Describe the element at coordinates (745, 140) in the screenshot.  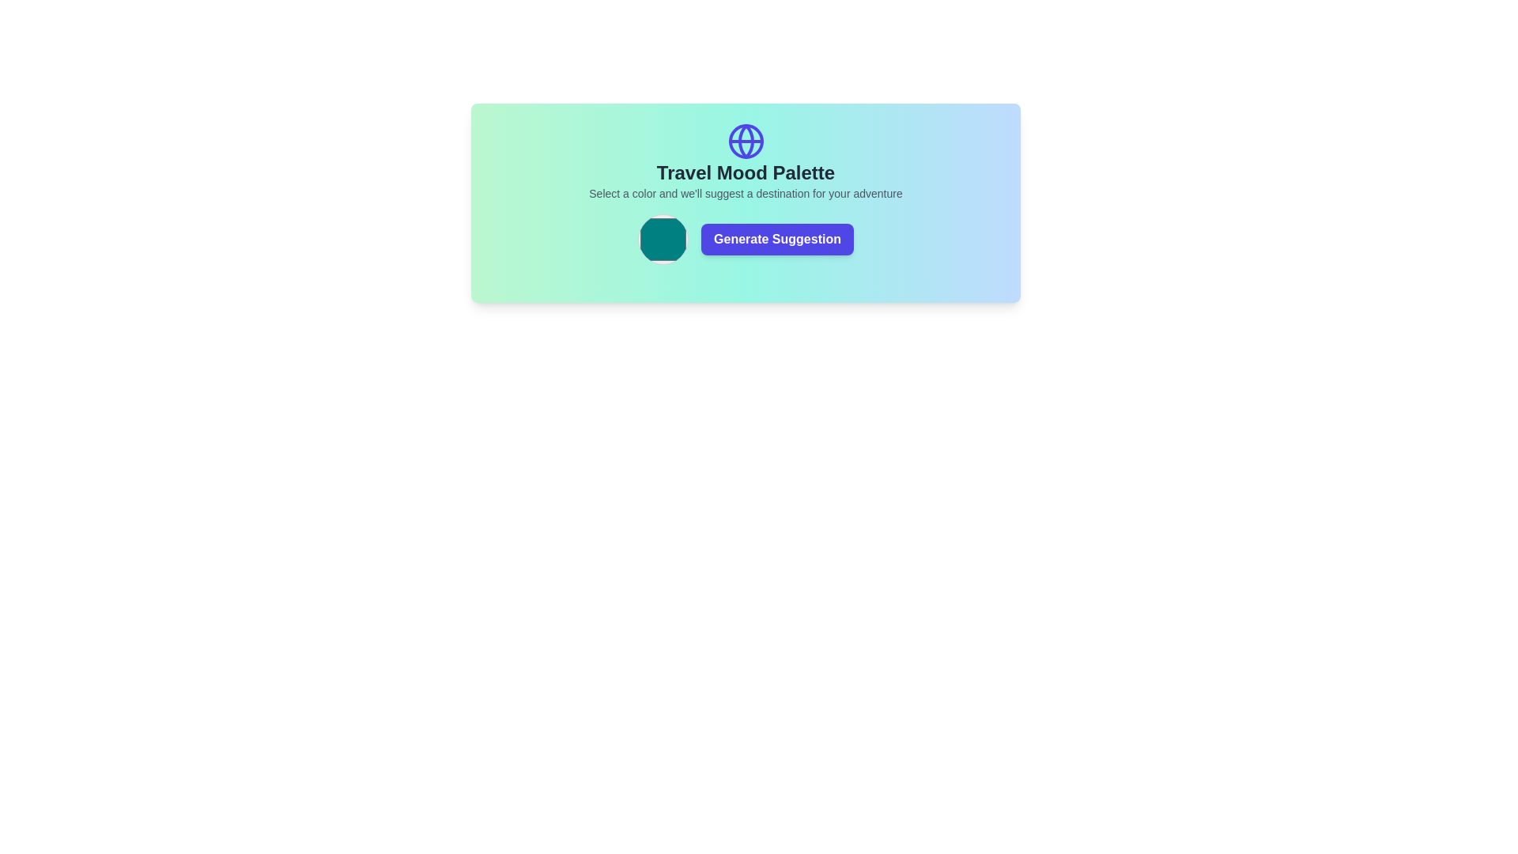
I see `the decorative travel icon located centrally in the 'Travel Mood Palette' section, positioned above its title and descriptive text` at that location.